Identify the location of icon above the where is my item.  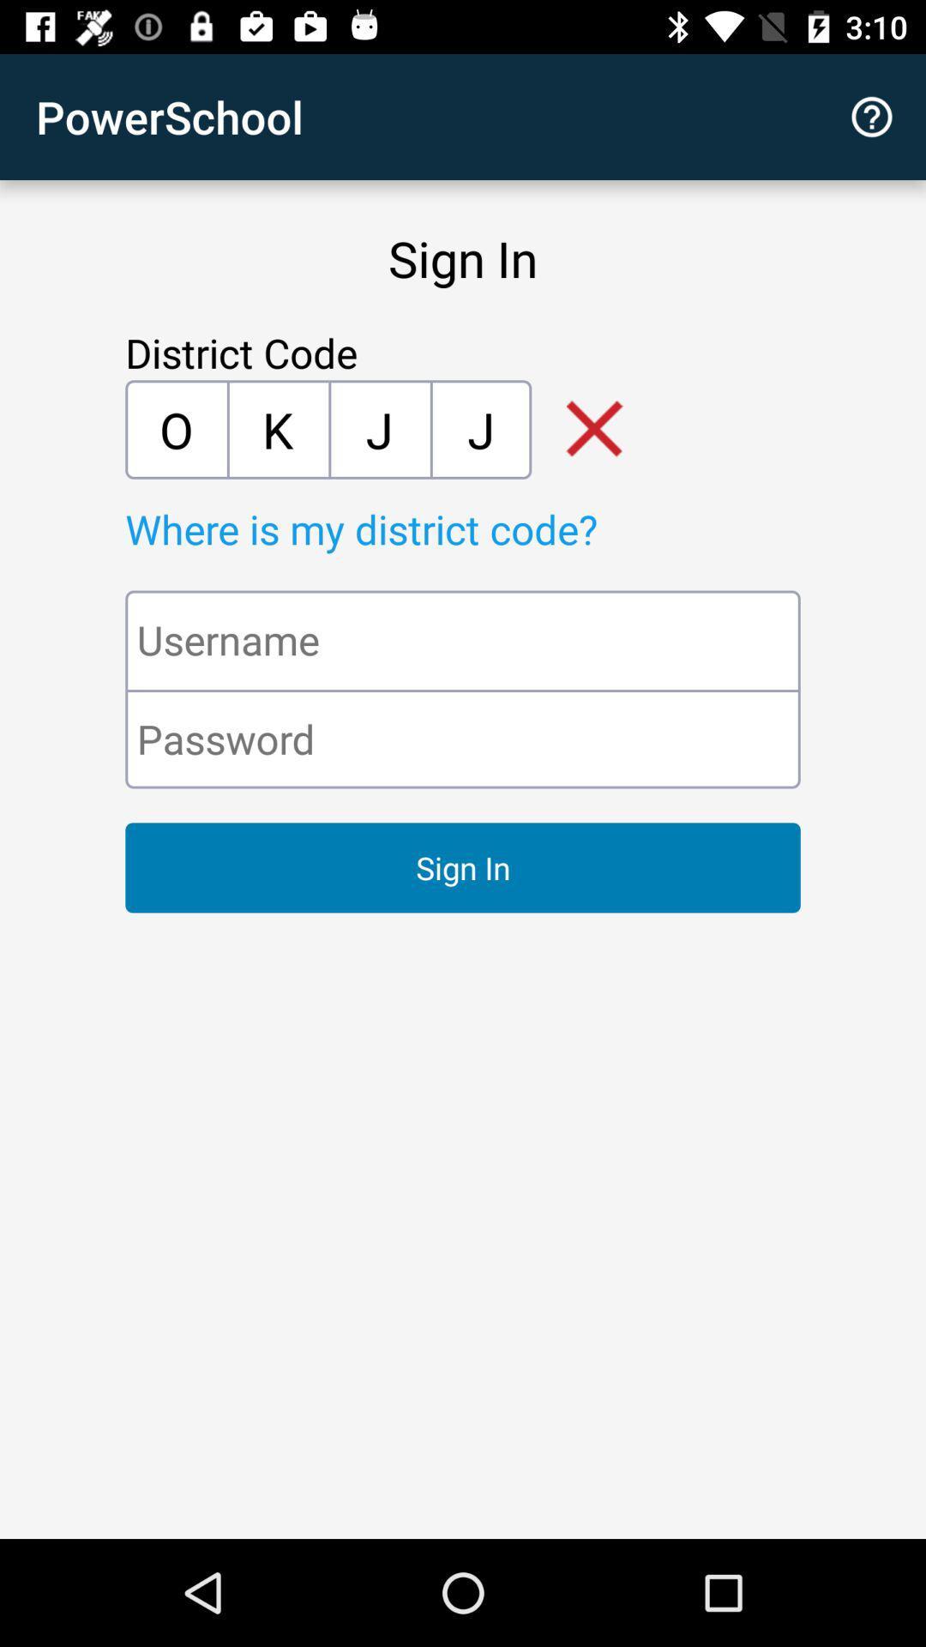
(277, 429).